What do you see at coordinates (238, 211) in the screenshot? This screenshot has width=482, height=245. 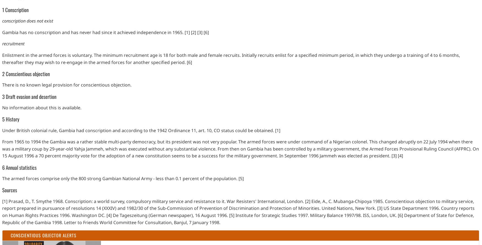 I see `'[1] Prasad, D., T. Smythe 1968. Conscription: a world survey, compulsory military service and resistance to it. War Resisters' International, London. [2] Eide, A., C. Mubanga-Chipoya 1985. Conscientious objection to military service, report prepared in pursuance of resolutions 14 (XXXIV) and 1982/30 of the Sub-Commission of Prevention of Discrimination and Protection of Minorities. United Nations, New York. [3] US State Department 1996. Country reports on Human Rights Practices 1996. Washington DC. [4] De Tageszeitung (German newspaper), 16 August 1996. [5] Institute for Strategic Studies 1997. Military Balance 1997/98. ISS, London, UK. [6] Department of State for Defence, Republic of the Gambia 1998. Letter to Friends World Committee for Consultation, Banjul, 7 January 1998.'` at bounding box center [238, 211].